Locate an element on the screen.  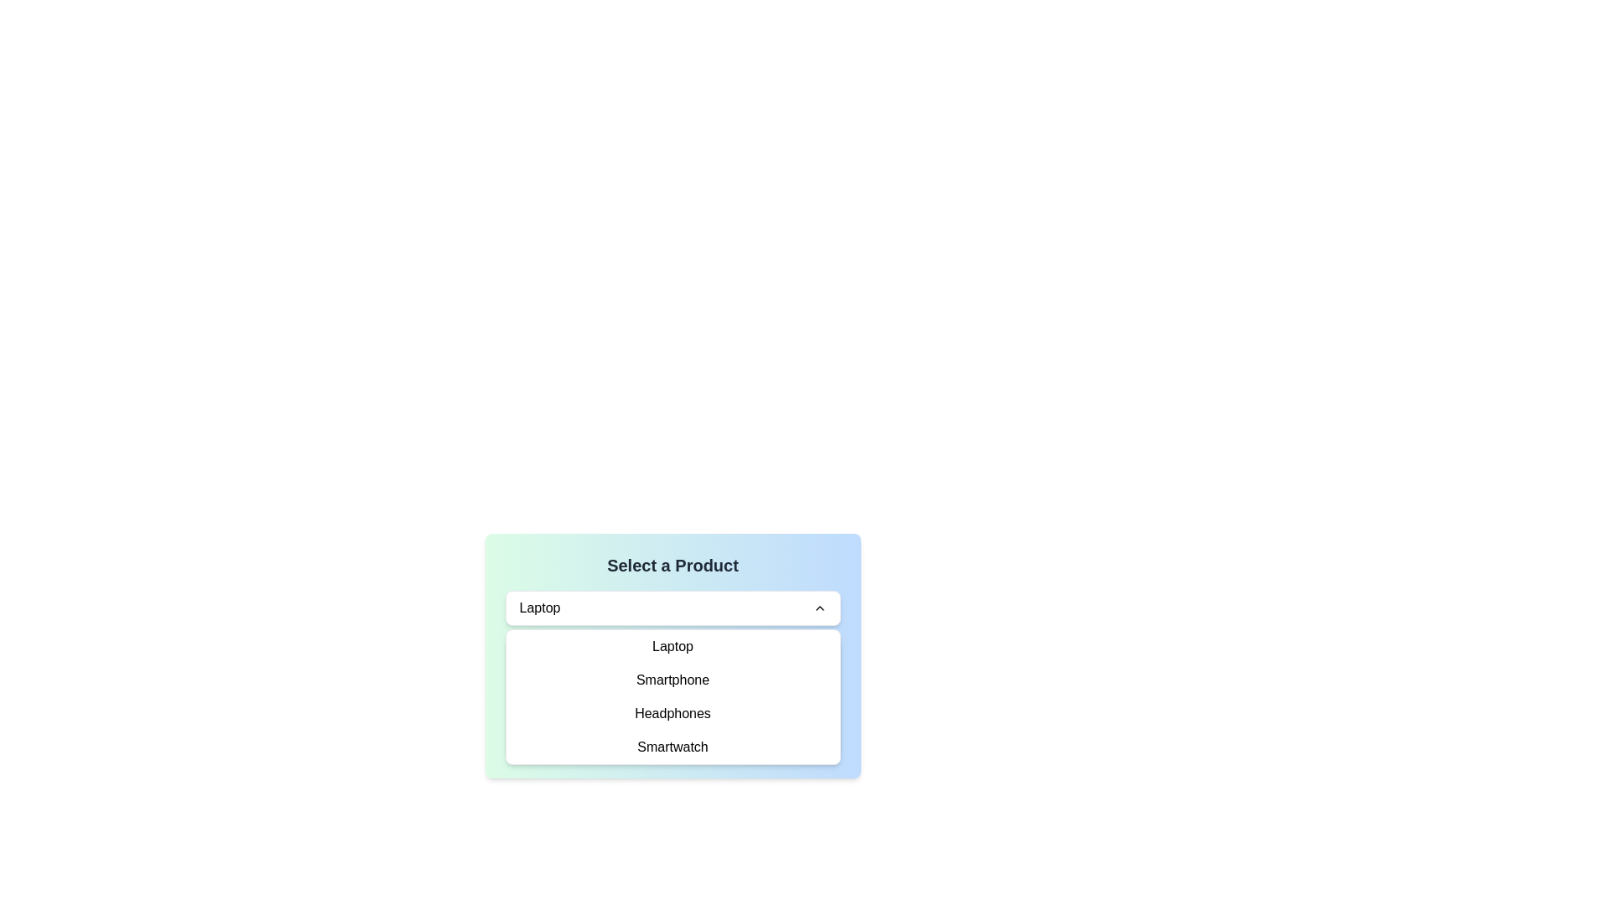
the 'Smartphone' option in the dropdown menu, which is the second item below 'Laptop' and above 'Headphones' is located at coordinates (673, 680).